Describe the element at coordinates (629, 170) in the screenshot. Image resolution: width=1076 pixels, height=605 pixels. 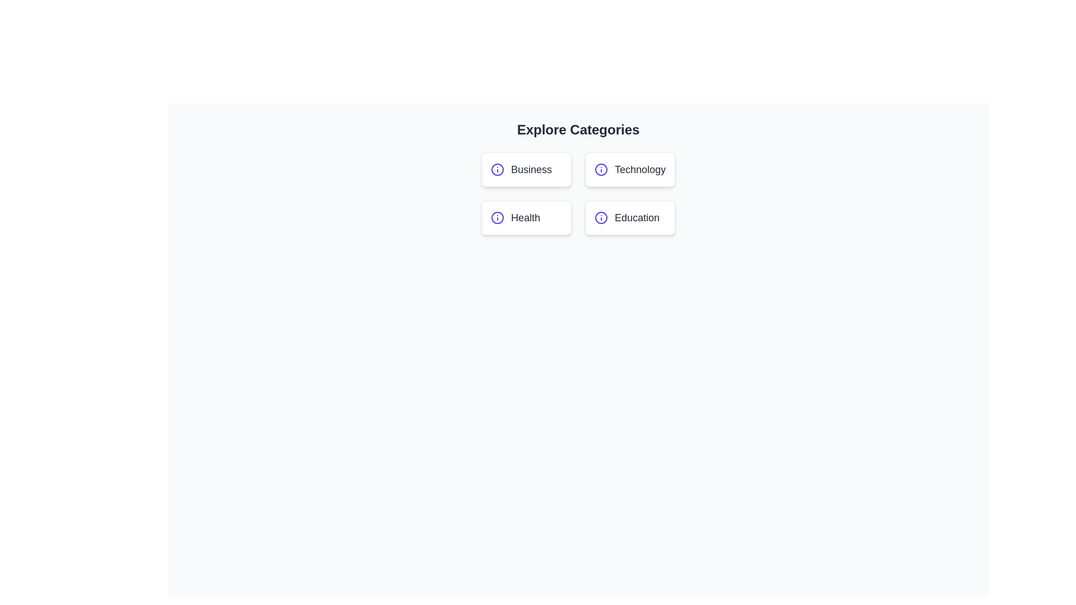
I see `the center of the 'Technology' category card, which is the second card in the top row of the Explore Categories section` at that location.